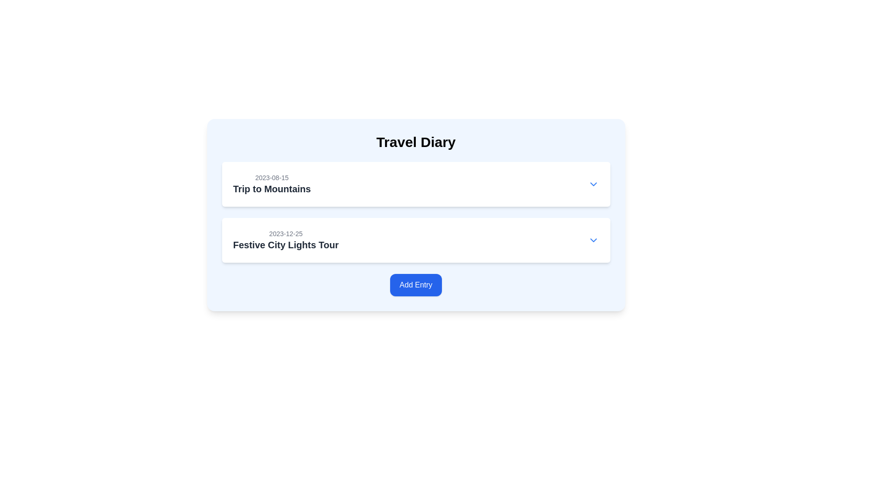 The image size is (896, 504). I want to click on the bold text label displaying 'Festive City Lights Tour', which is prominently located below the date '2023-12-25' in the travel diary events list, so click(285, 244).